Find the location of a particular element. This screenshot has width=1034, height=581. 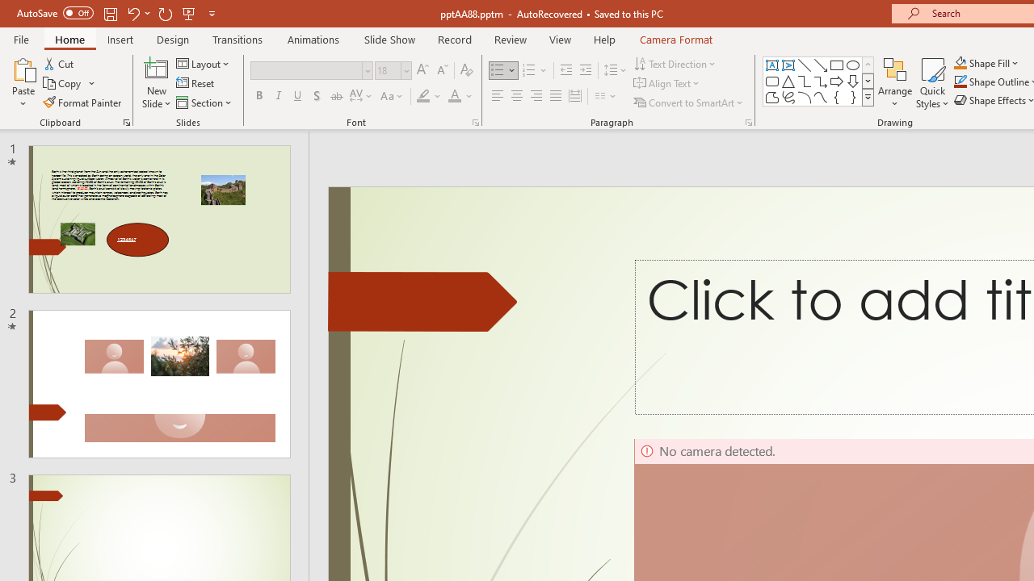

'Convert to SmartArt' is located at coordinates (689, 102).